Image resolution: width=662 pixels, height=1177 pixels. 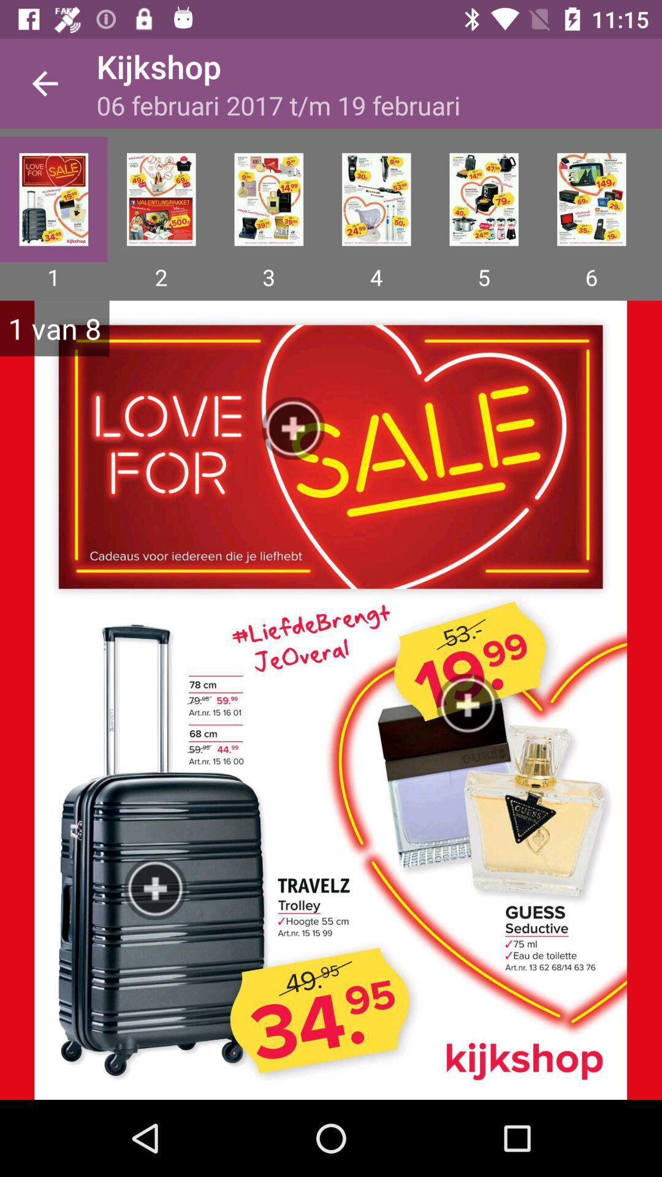 I want to click on page one, so click(x=53, y=199).